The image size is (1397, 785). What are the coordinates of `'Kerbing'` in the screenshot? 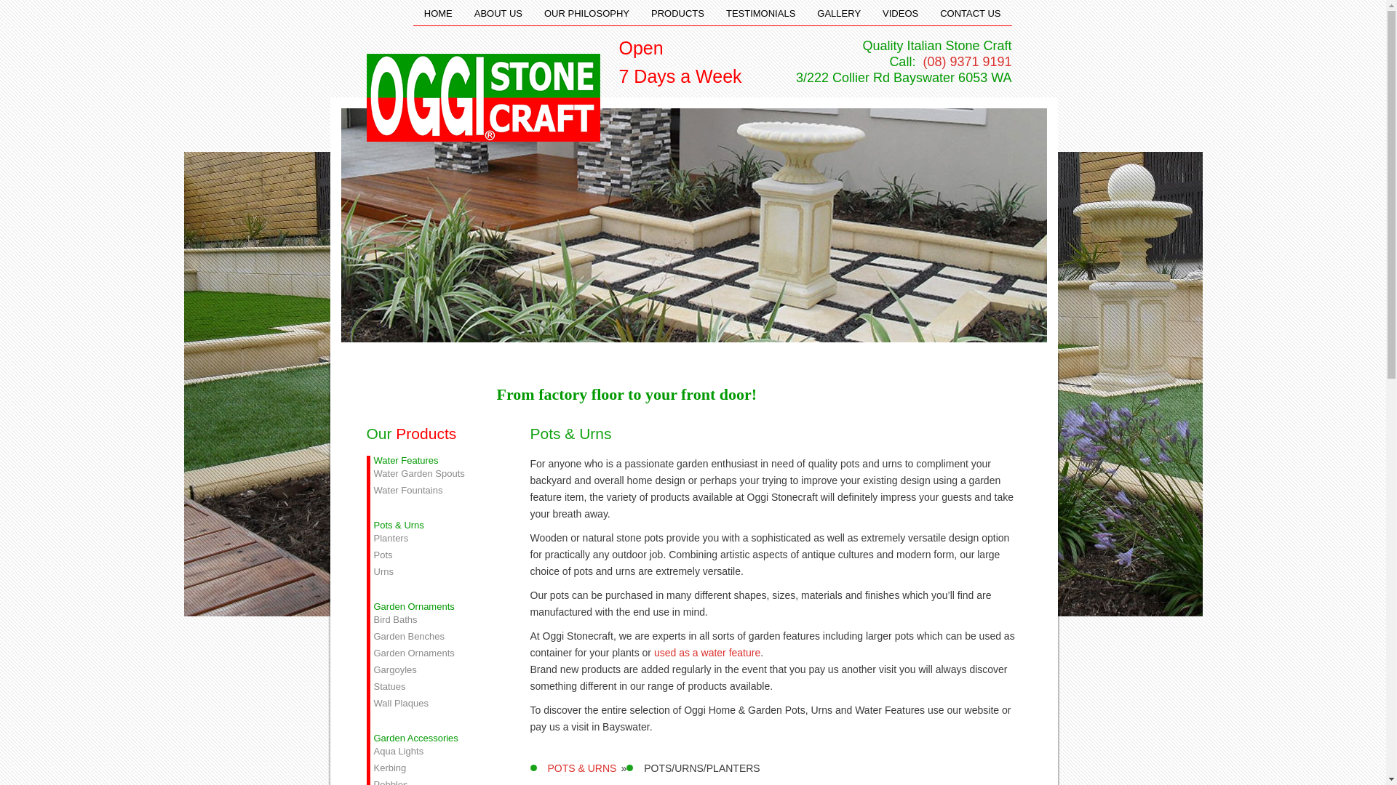 It's located at (373, 767).